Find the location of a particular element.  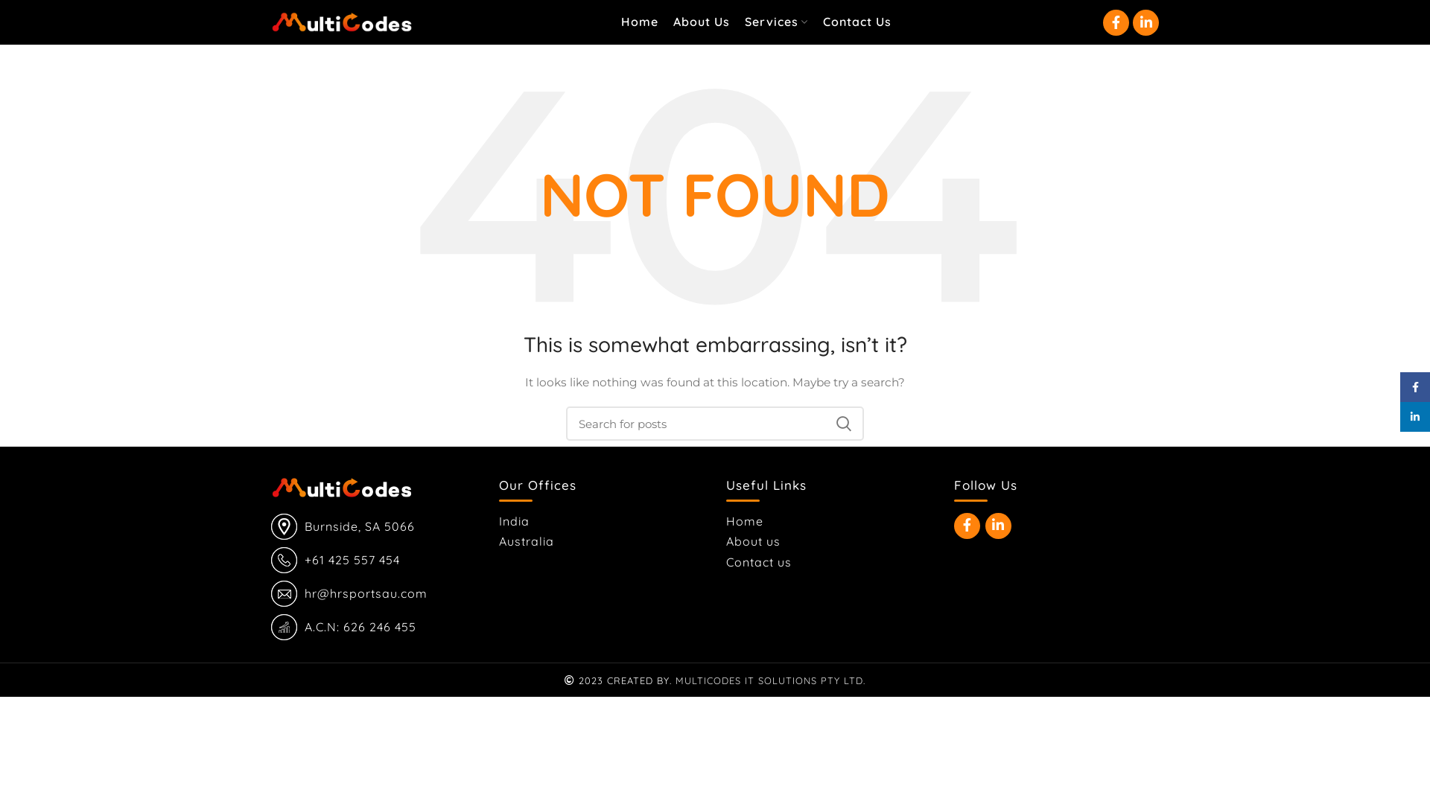

'Services' is located at coordinates (775, 22).